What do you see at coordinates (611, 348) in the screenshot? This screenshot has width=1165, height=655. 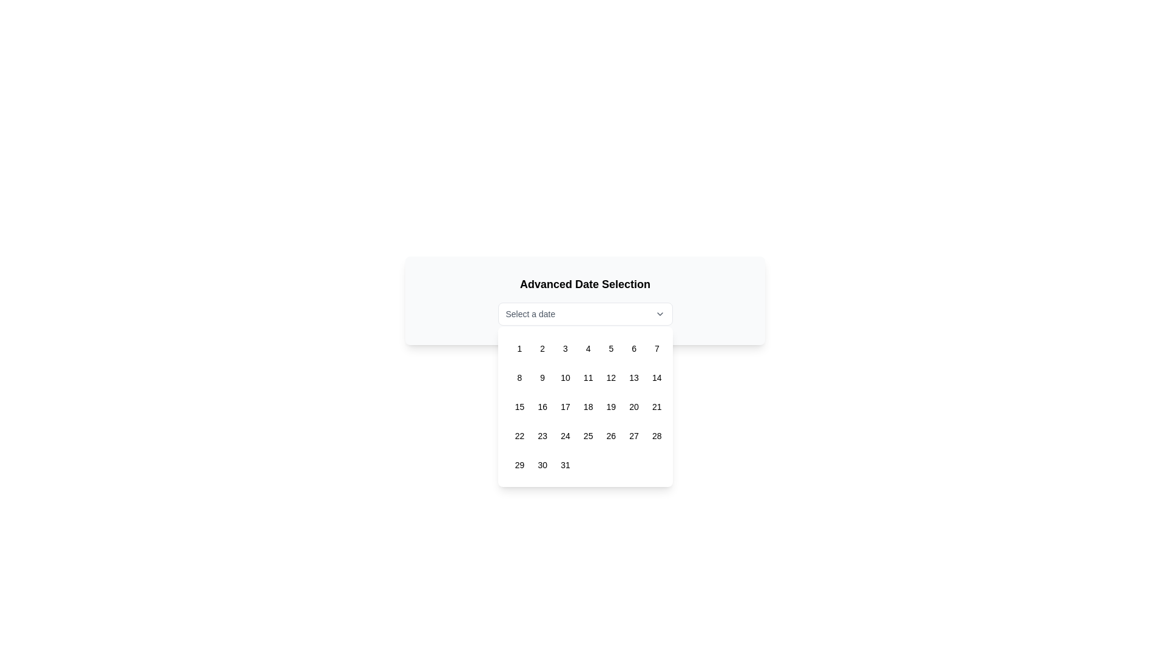 I see `the selectable day button '5' in the calendar interface` at bounding box center [611, 348].